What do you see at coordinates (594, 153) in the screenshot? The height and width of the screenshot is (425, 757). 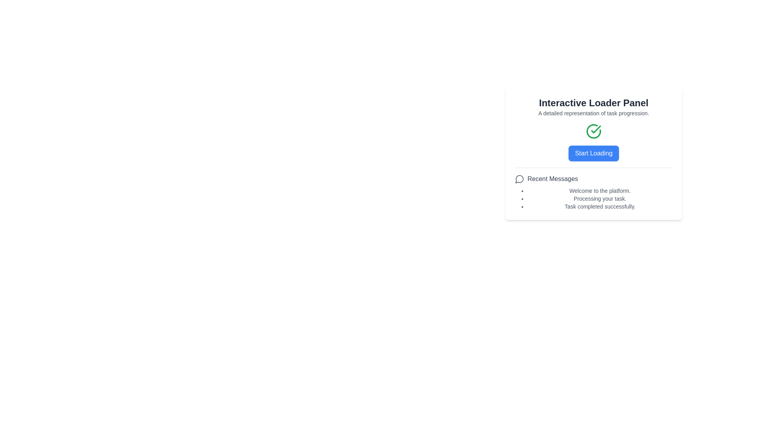 I see `messages or instructions displayed in the 'Interactive Loader Panel', which contains a list of recent messages and instructions` at bounding box center [594, 153].